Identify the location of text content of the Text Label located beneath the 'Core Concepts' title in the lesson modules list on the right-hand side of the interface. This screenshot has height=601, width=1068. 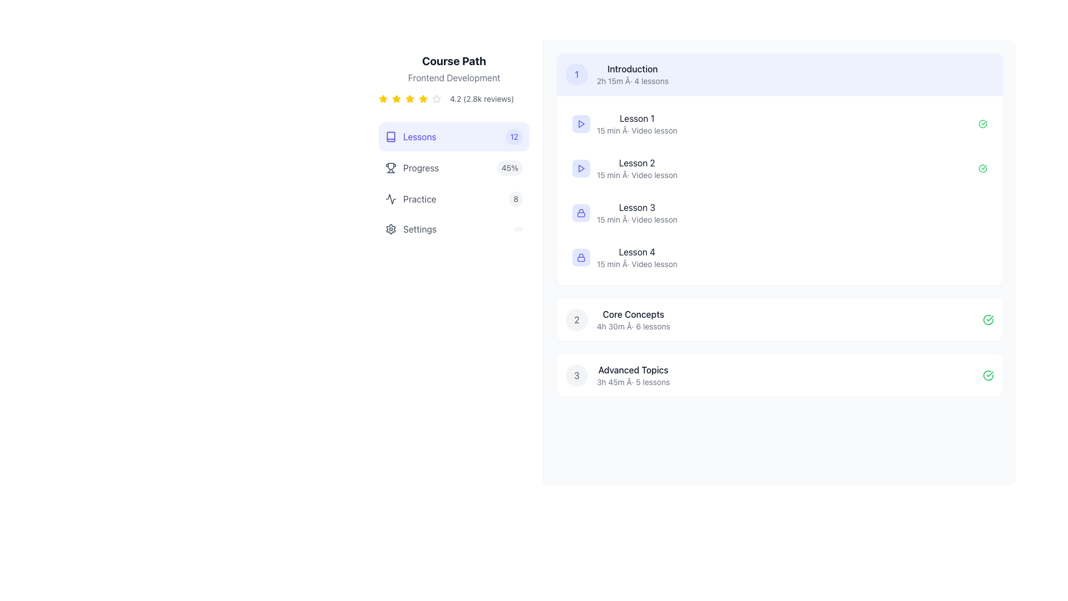
(633, 326).